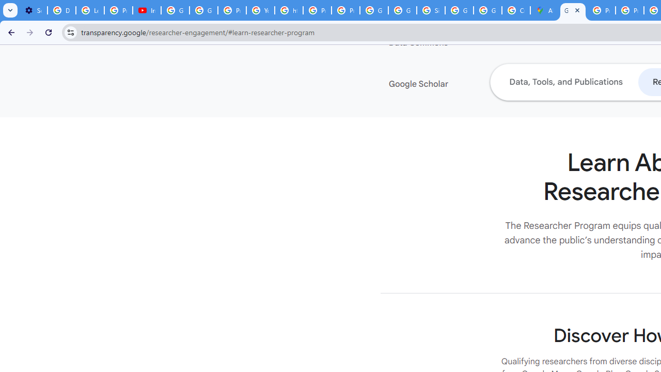  I want to click on 'Settings - Performance', so click(33, 10).